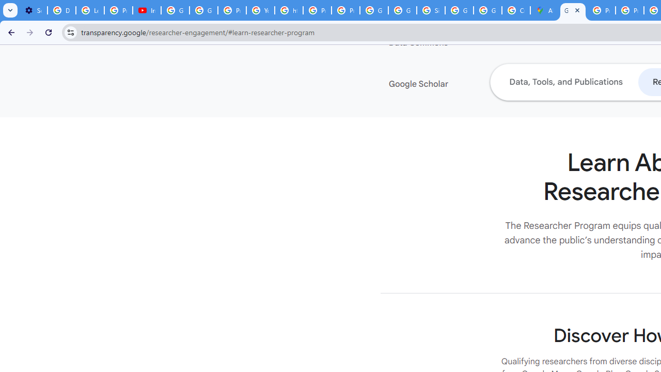  I want to click on 'Settings - Performance', so click(33, 10).